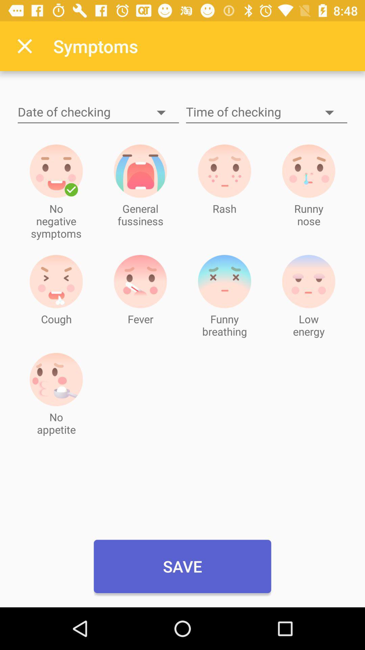  I want to click on date drop down list, so click(98, 112).